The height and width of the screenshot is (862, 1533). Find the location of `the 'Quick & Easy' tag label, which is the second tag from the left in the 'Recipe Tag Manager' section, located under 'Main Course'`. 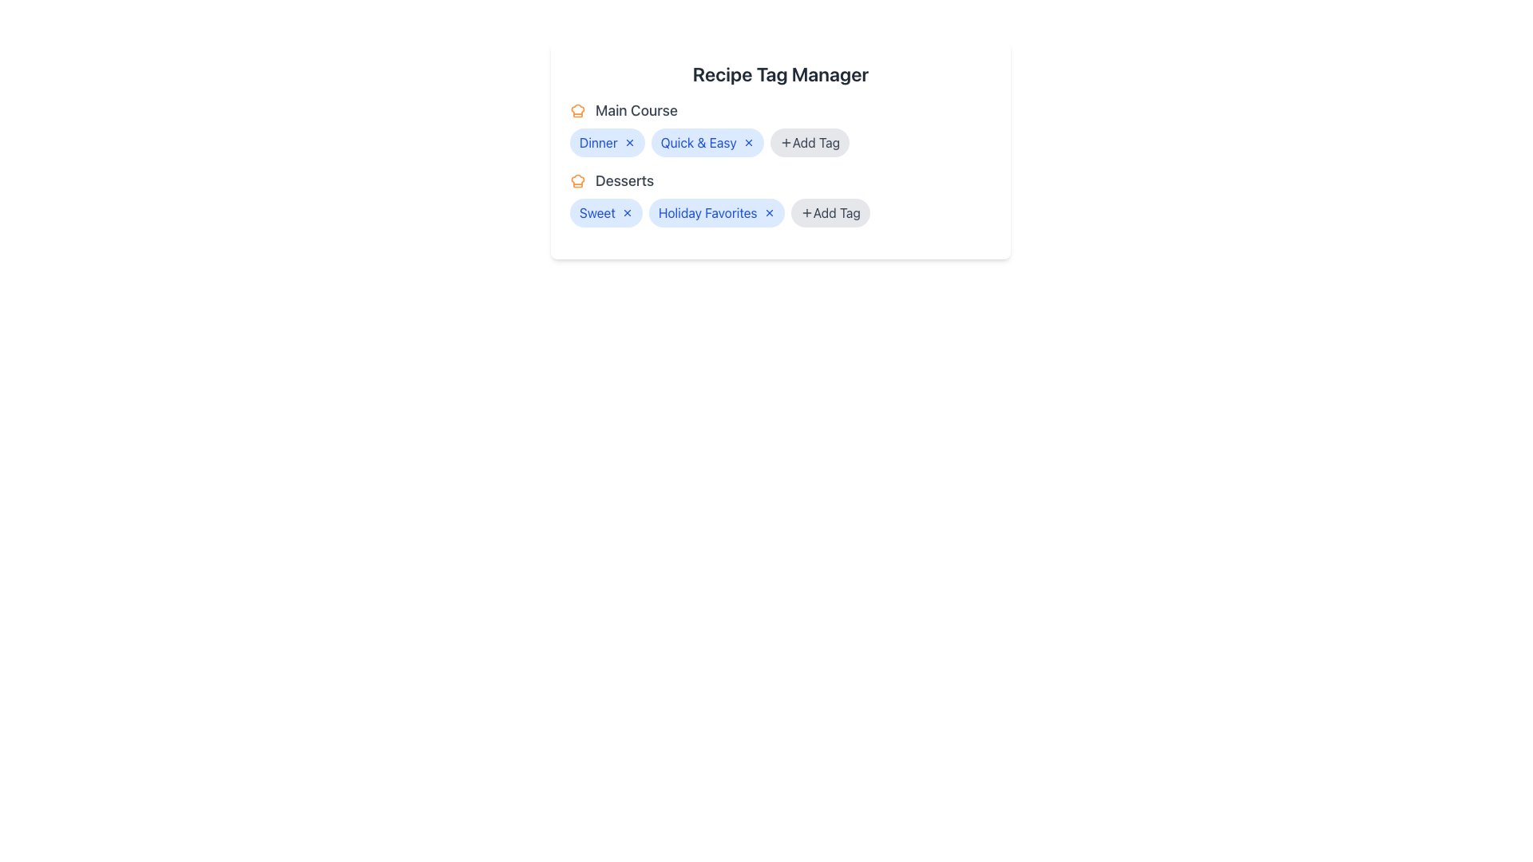

the 'Quick & Easy' tag label, which is the second tag from the left in the 'Recipe Tag Manager' section, located under 'Main Course' is located at coordinates (707, 141).